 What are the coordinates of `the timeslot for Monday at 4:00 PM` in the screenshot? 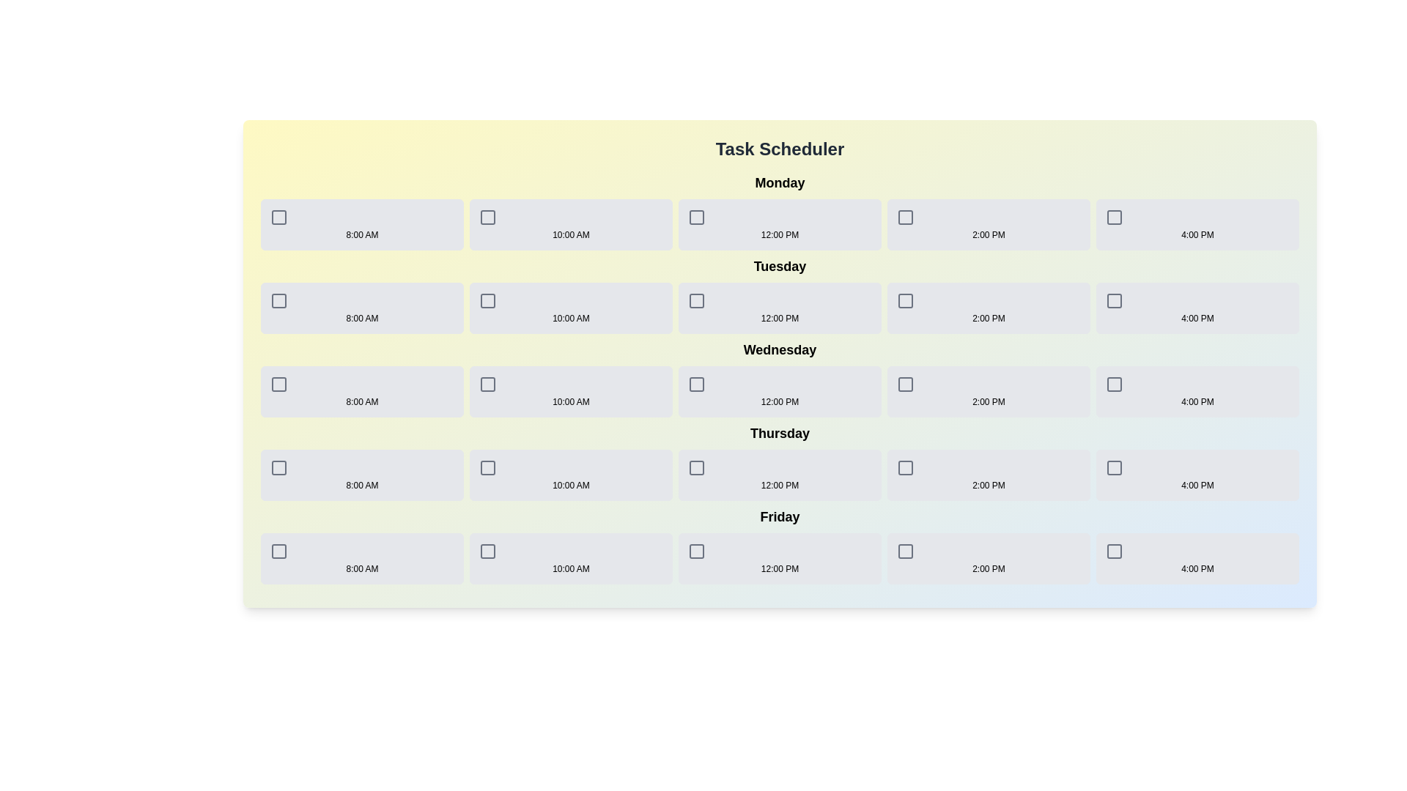 It's located at (1197, 225).